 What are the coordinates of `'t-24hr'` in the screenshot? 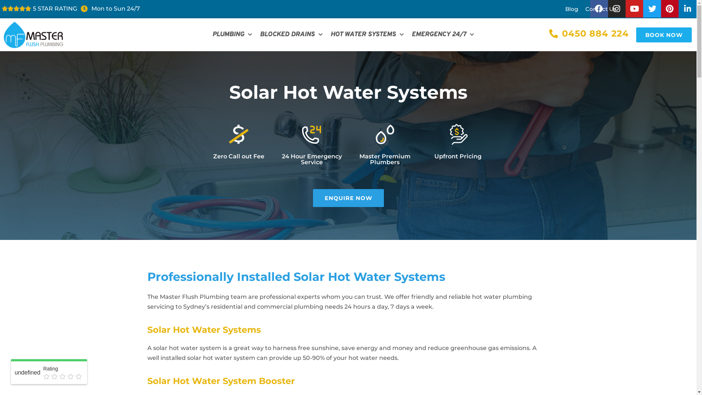 It's located at (312, 134).